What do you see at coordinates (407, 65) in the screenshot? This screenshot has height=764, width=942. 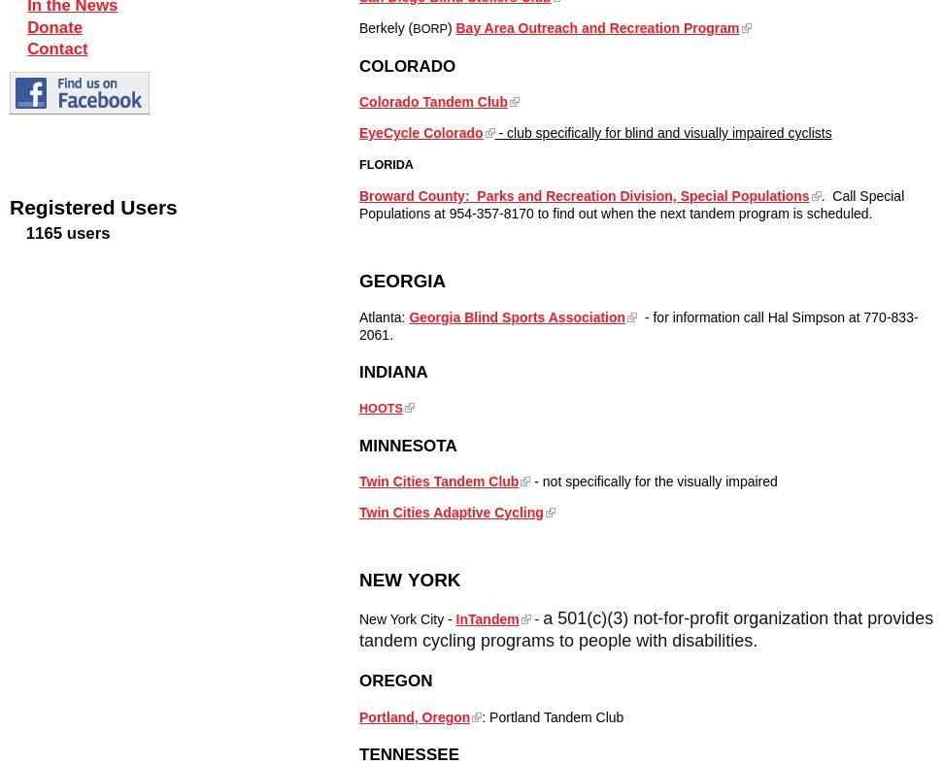 I see `'COLORADO'` at bounding box center [407, 65].